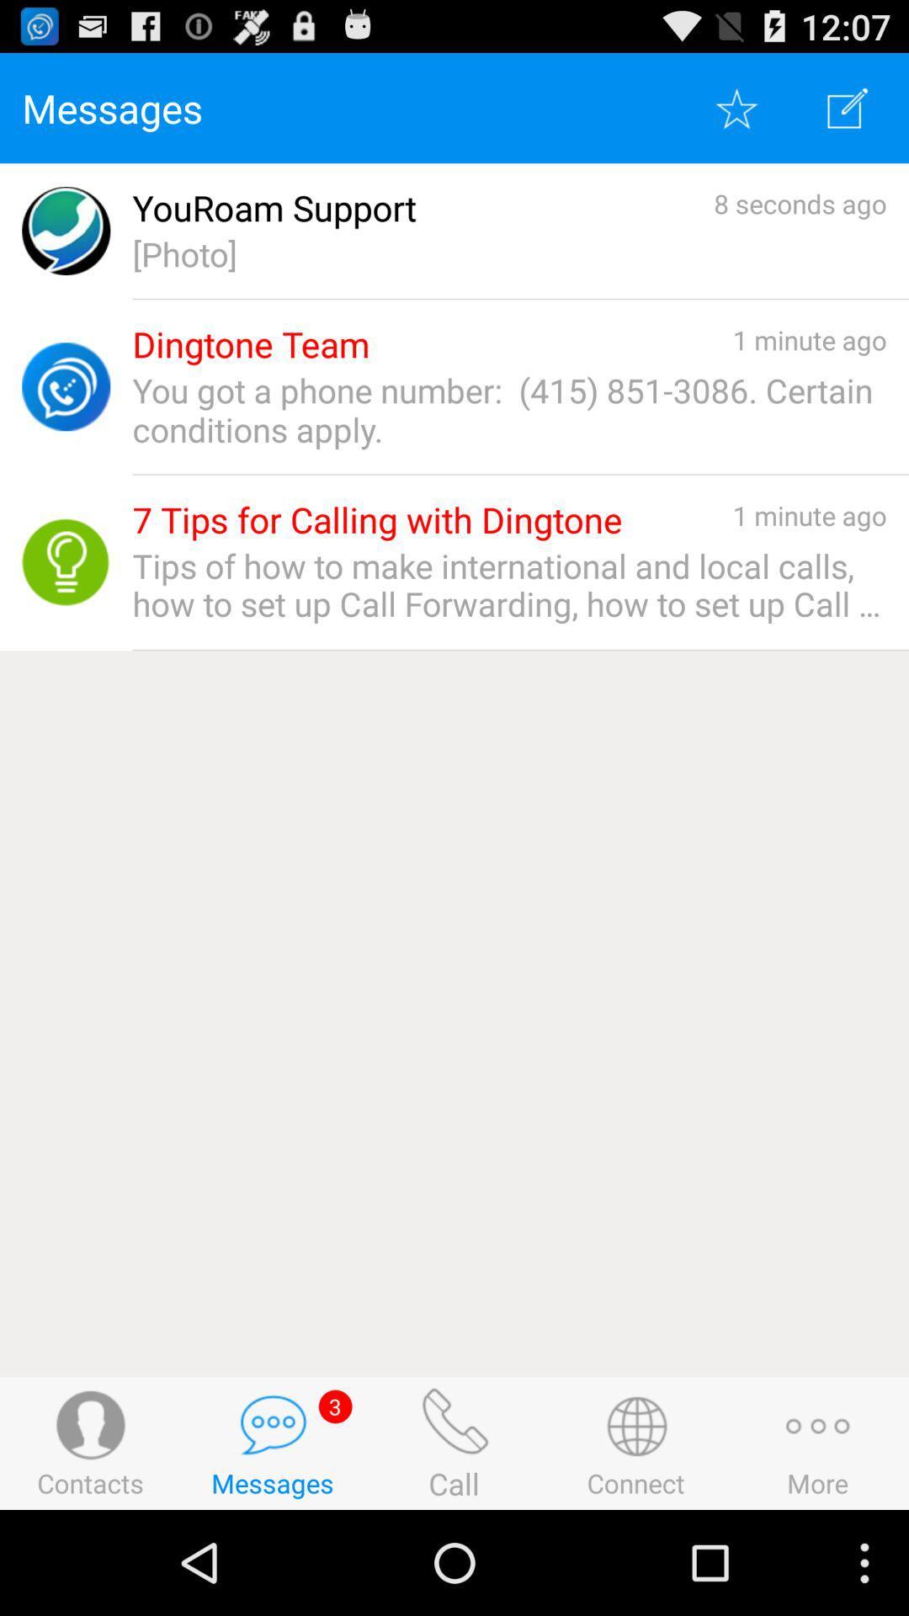 The image size is (909, 1616). What do you see at coordinates (736, 107) in the screenshot?
I see `click star` at bounding box center [736, 107].